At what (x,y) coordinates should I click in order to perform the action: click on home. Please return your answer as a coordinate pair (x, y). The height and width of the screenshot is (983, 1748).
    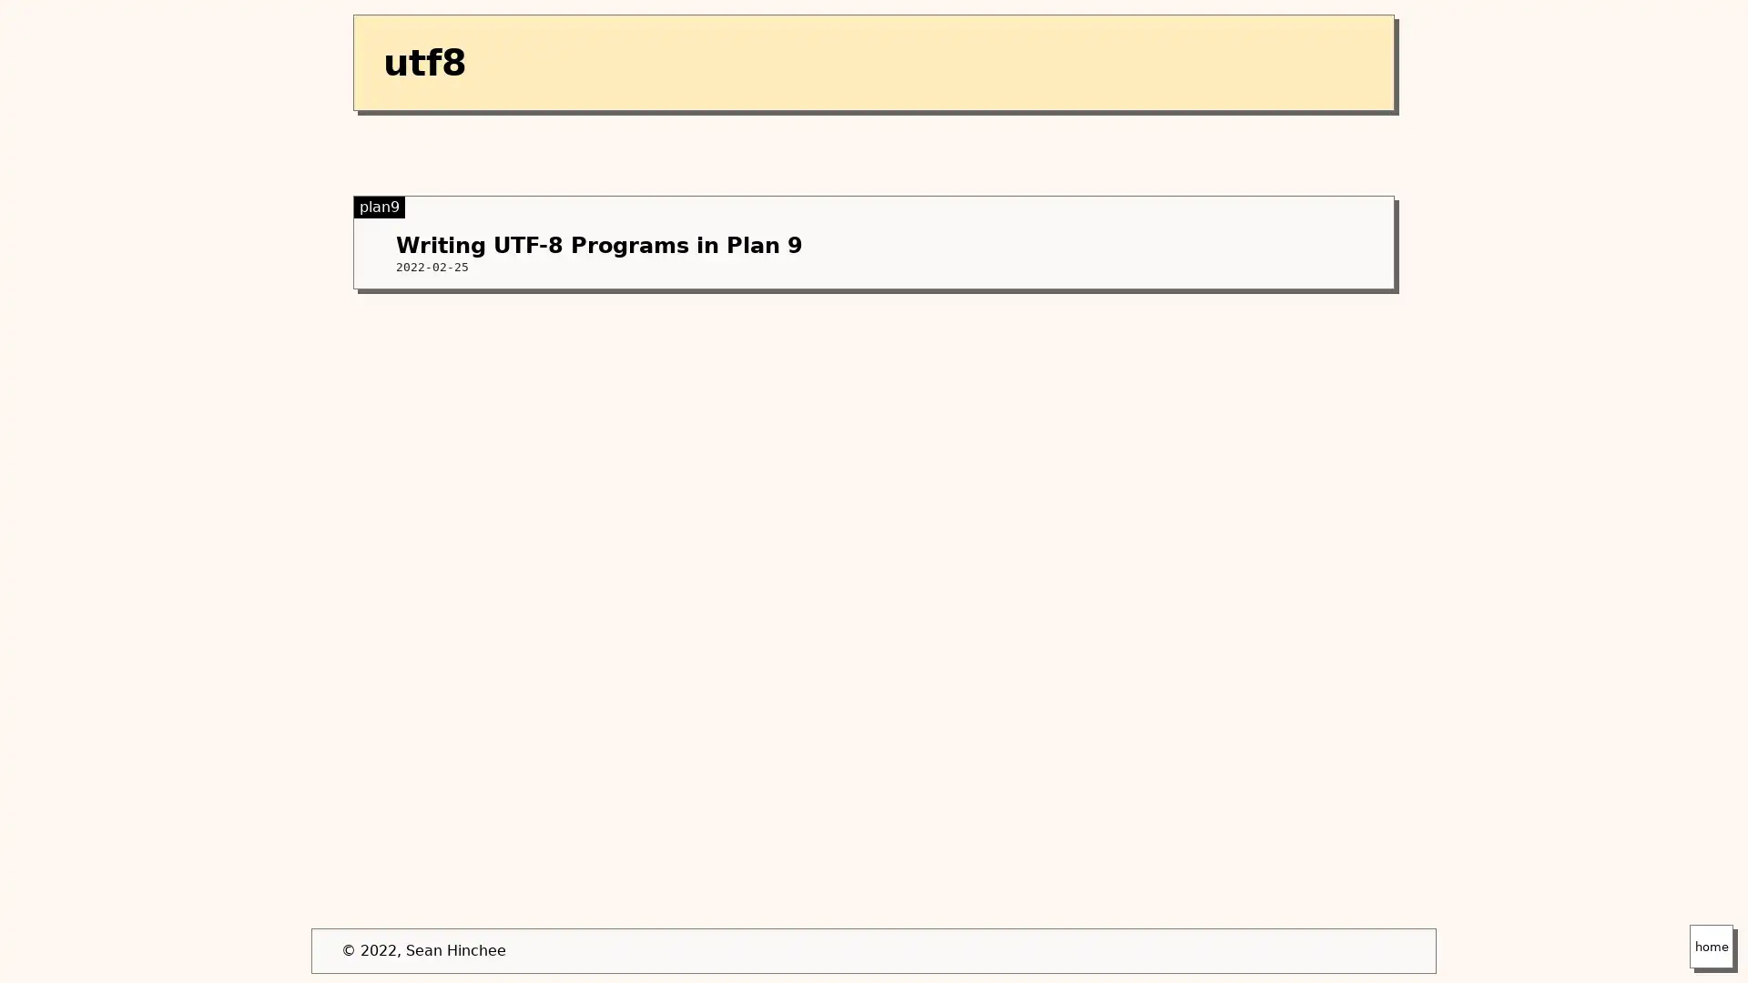
    Looking at the image, I should click on (1711, 946).